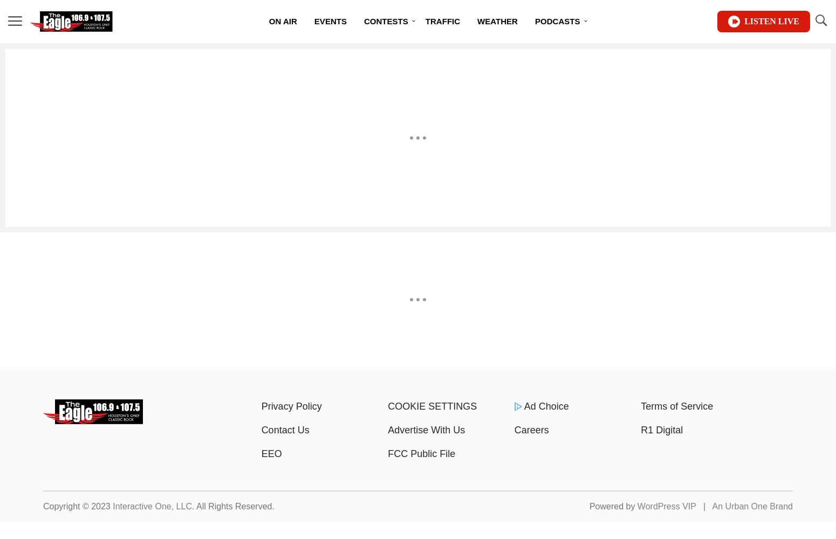  I want to click on 'EEO', so click(261, 453).